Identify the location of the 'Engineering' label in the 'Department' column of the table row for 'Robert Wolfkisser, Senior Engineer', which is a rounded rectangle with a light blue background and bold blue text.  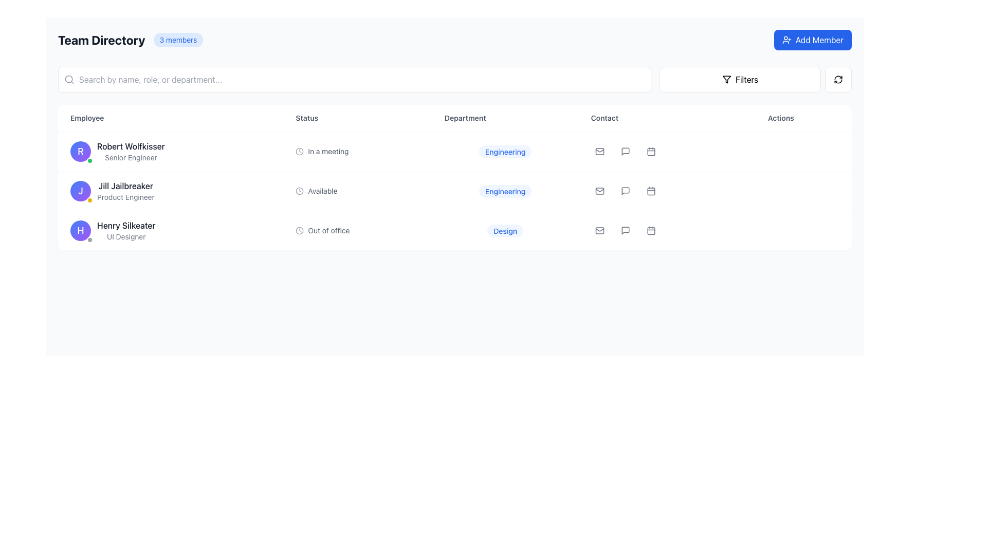
(505, 151).